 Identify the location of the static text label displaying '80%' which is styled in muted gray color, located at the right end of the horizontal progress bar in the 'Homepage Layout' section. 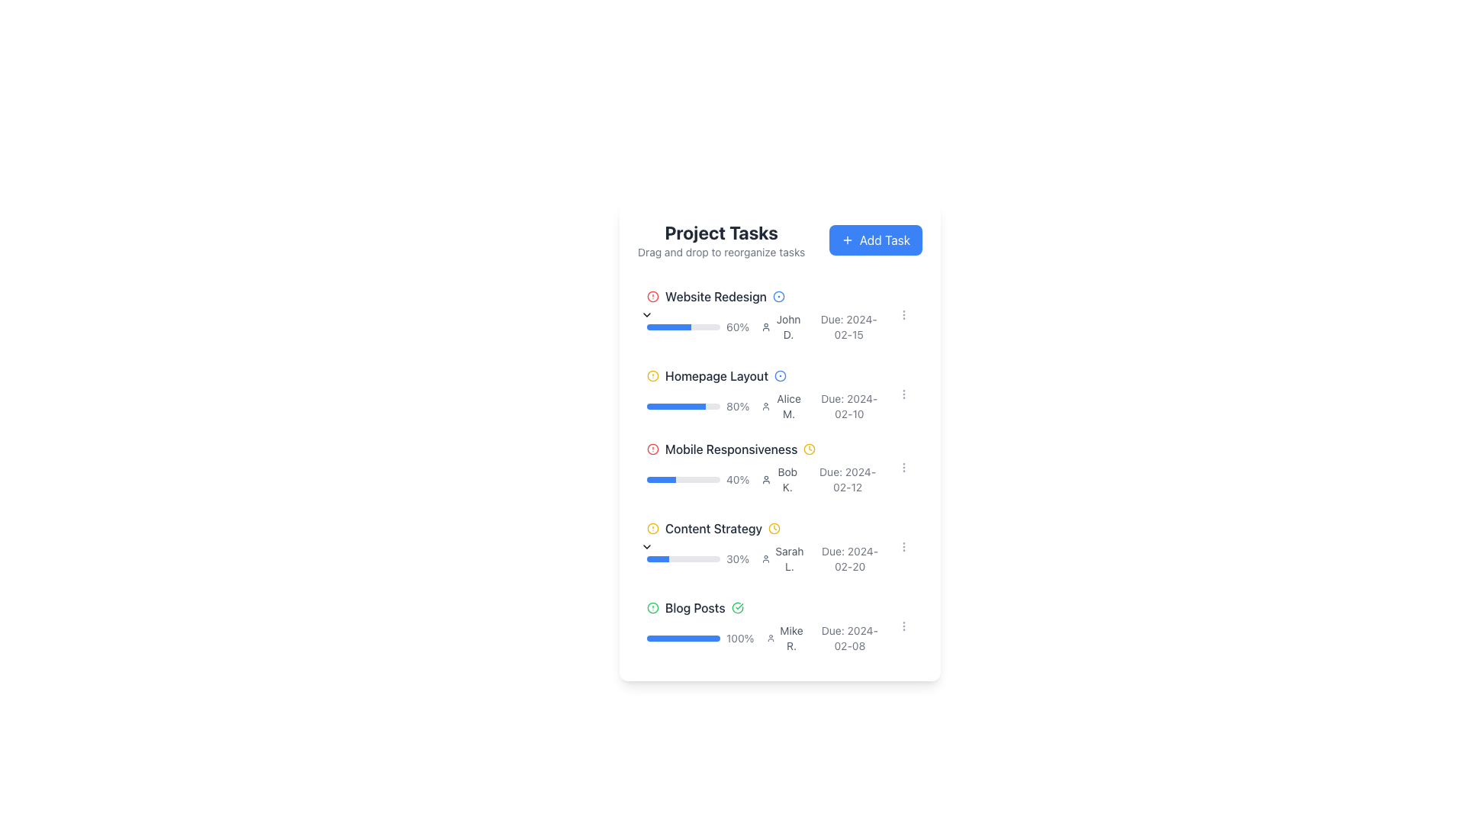
(738, 405).